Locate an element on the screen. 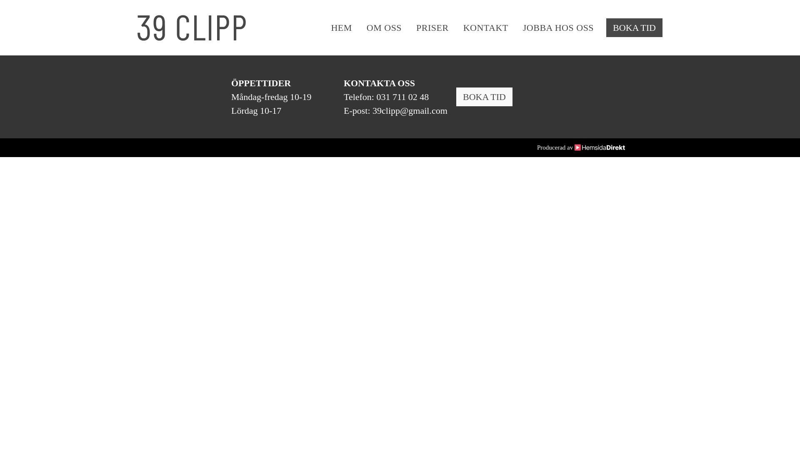 Image resolution: width=800 pixels, height=450 pixels. 'PRISER' is located at coordinates (425, 27).